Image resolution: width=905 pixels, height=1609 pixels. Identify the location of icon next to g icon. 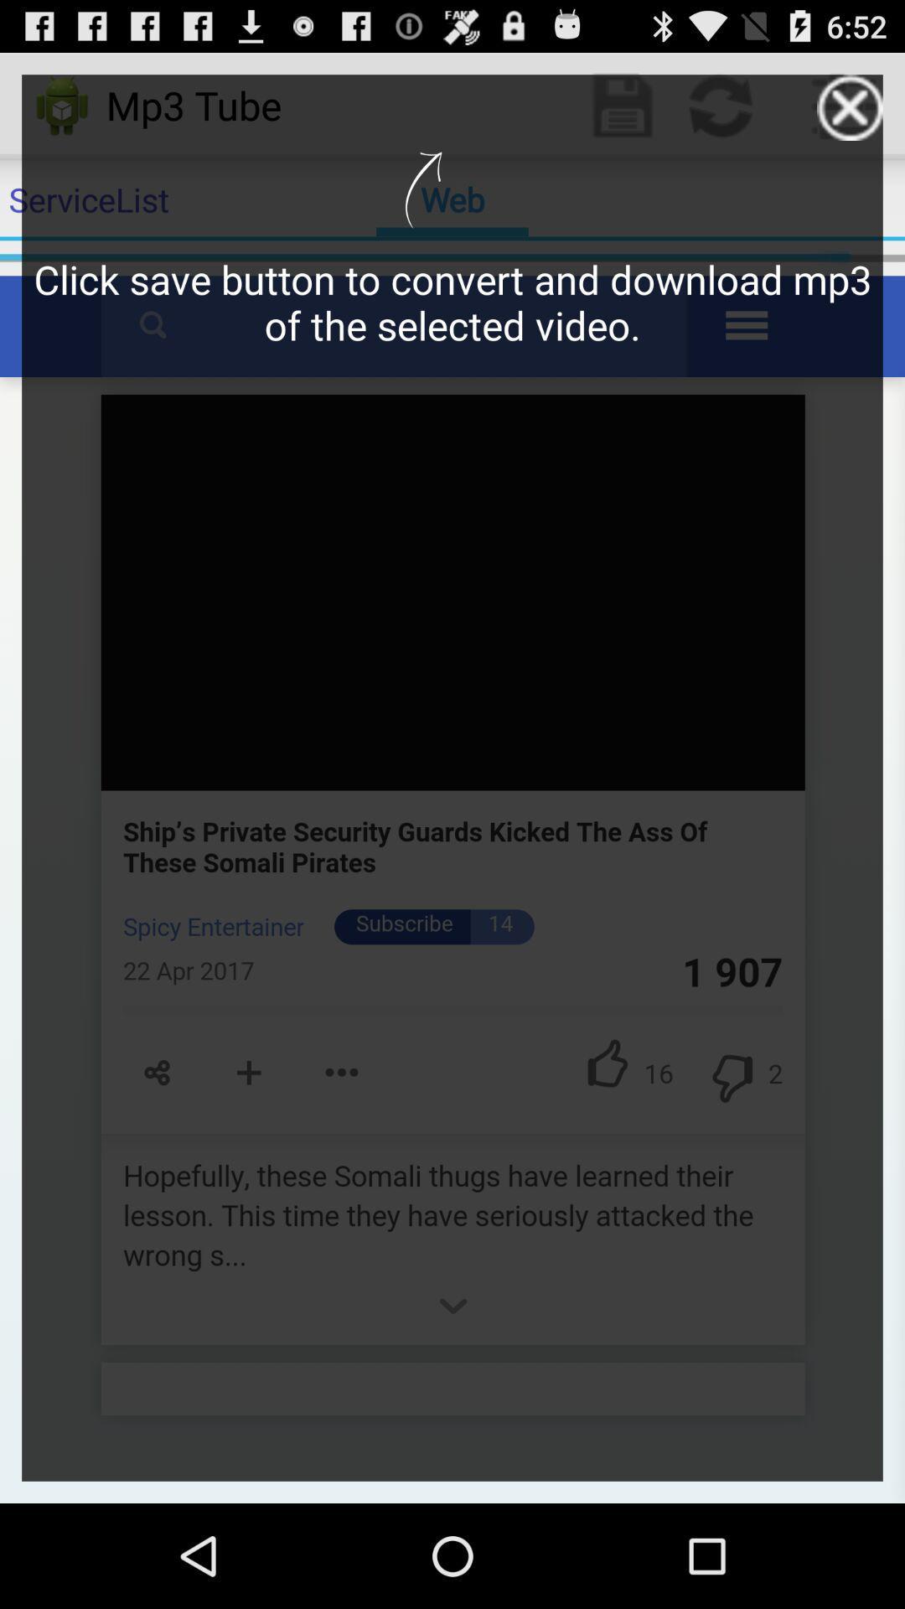
(850, 106).